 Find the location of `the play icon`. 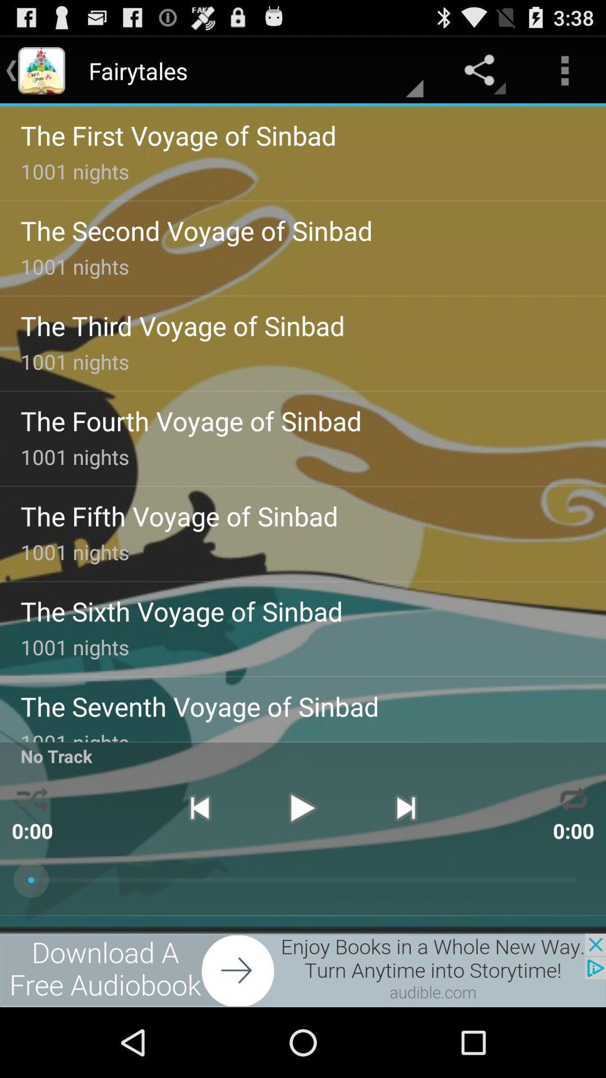

the play icon is located at coordinates (302, 864).